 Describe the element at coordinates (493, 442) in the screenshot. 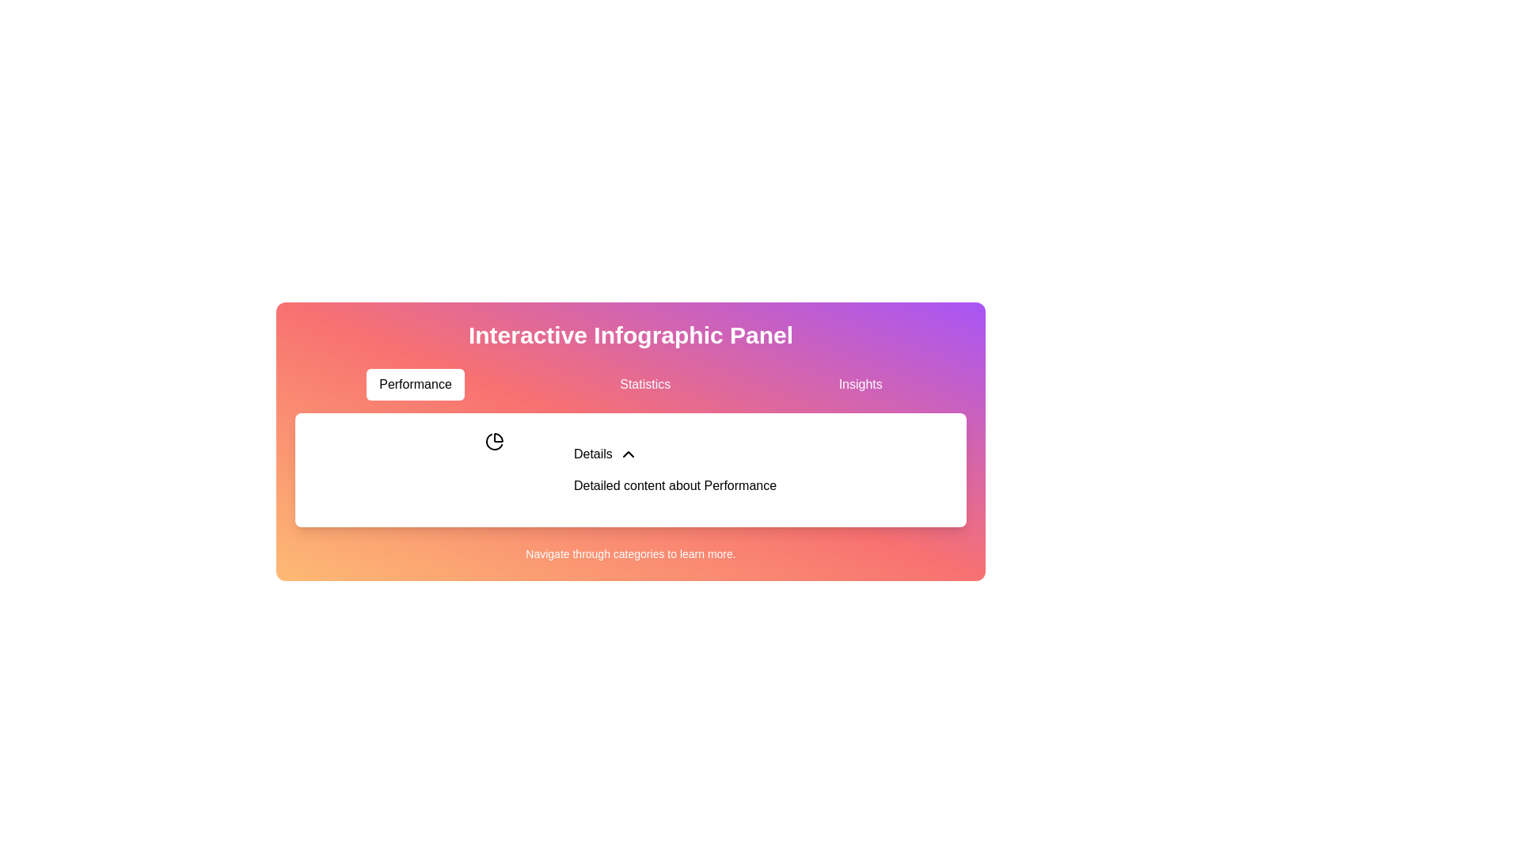

I see `the circular pie-chart icon located within a white card, right below the 'Performance' tab and to the left of the 'Details' title` at that location.